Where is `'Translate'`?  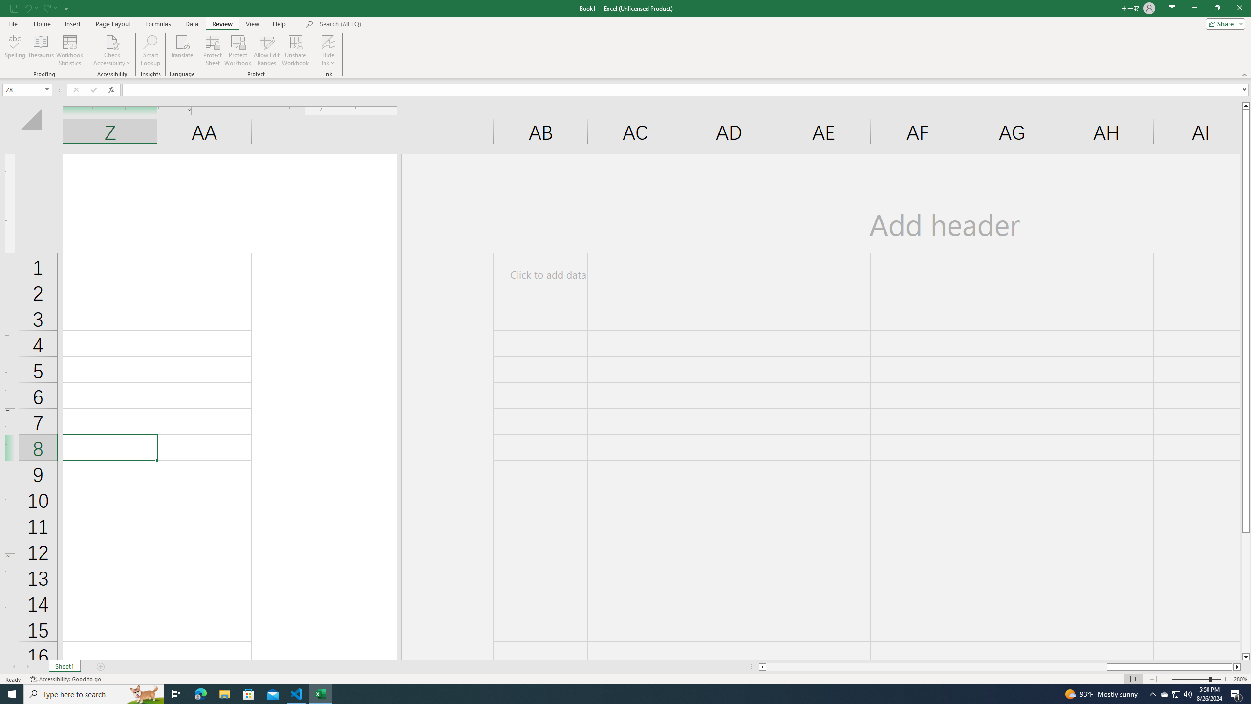 'Translate' is located at coordinates (181, 50).